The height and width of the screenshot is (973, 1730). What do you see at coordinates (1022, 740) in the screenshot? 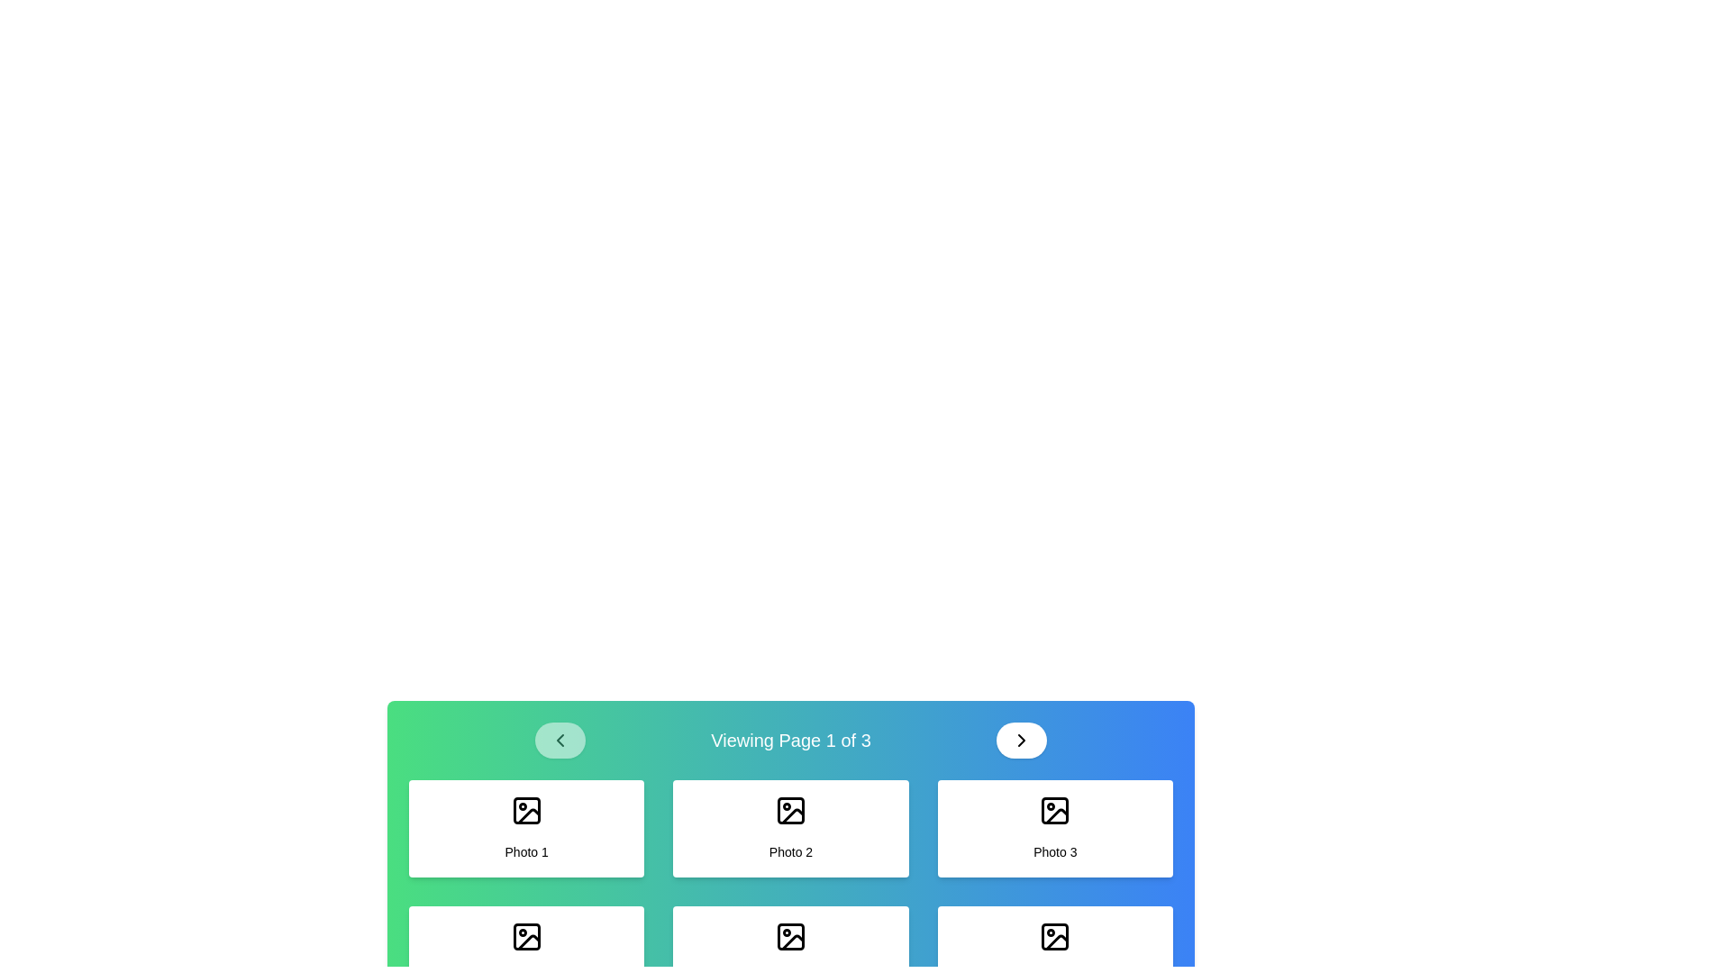
I see `the arrow icon located in the blue-shaded right section of the footer, aligned horizontally with the text 'Viewing Page 1 of 3', to enable accessibility navigation` at bounding box center [1022, 740].